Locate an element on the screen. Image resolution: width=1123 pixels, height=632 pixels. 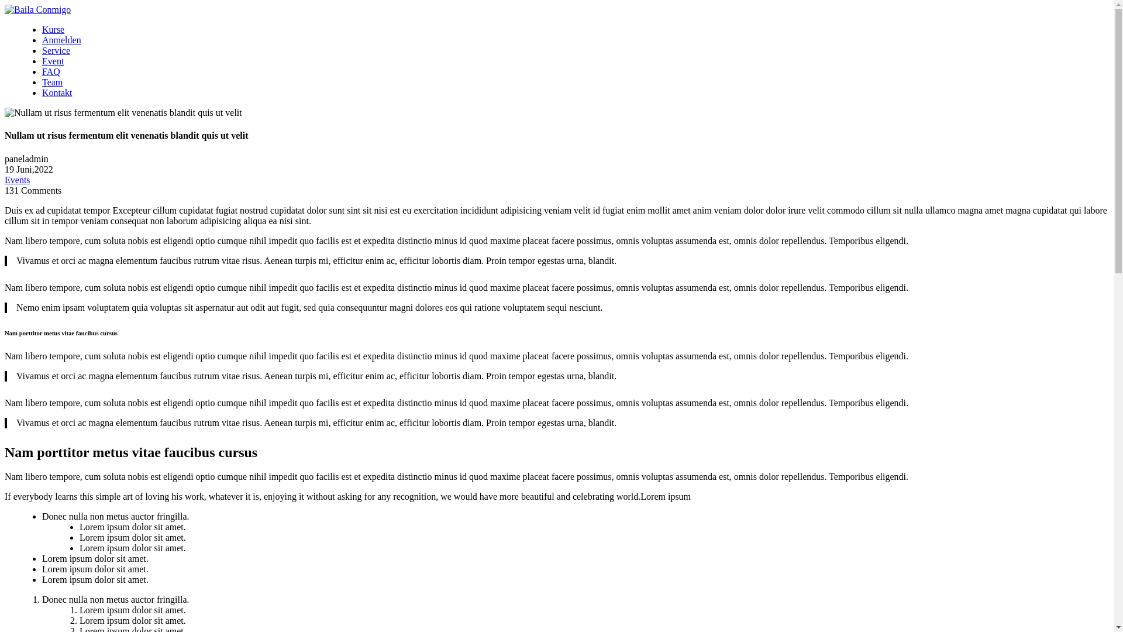
'FAQ' is located at coordinates (42, 71).